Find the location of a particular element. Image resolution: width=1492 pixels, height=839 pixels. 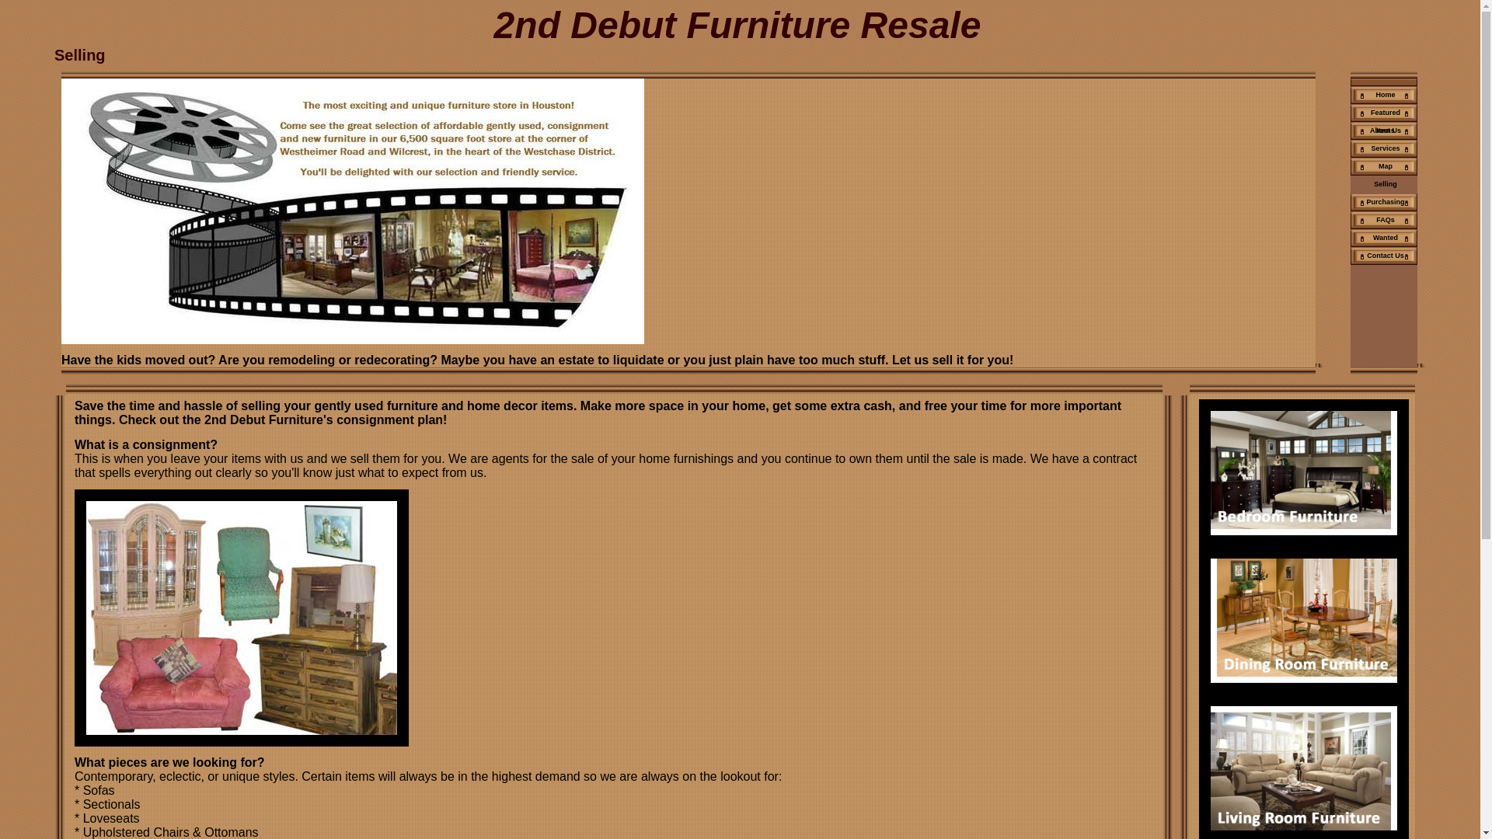

'About Us' is located at coordinates (1383, 130).